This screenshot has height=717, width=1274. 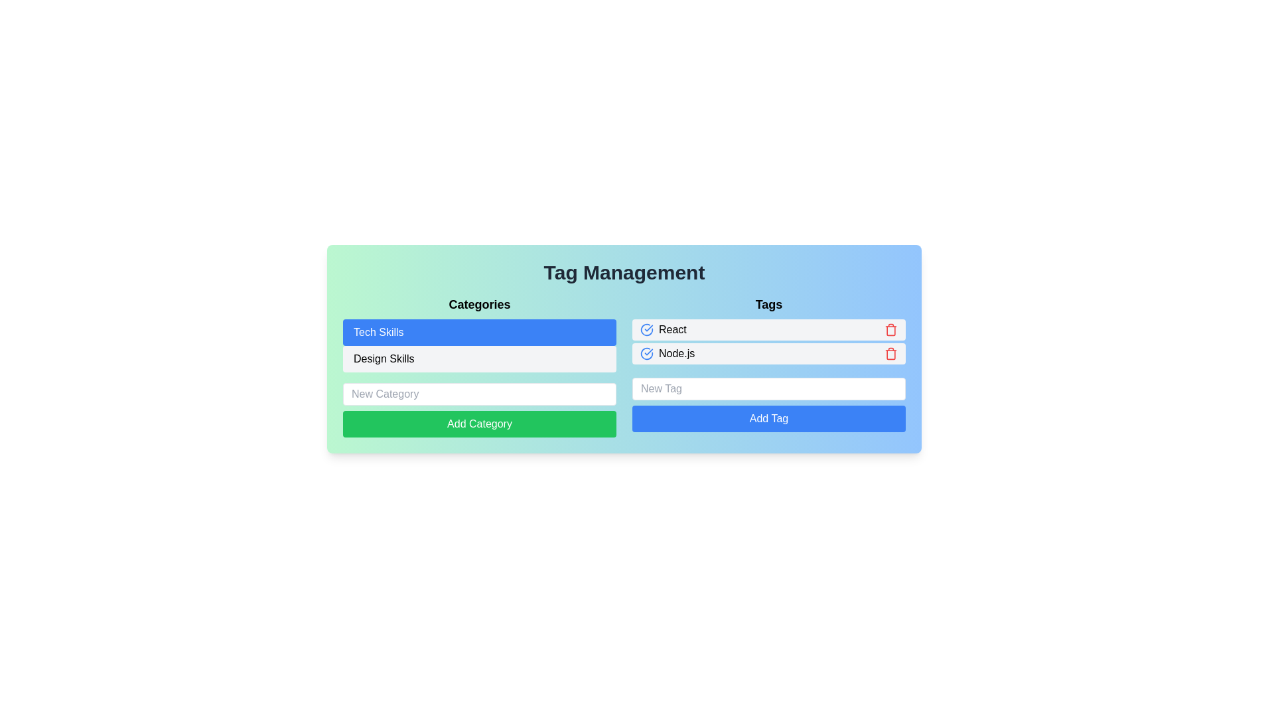 I want to click on the delete icon button located to the right of the 'Node.js' text in the 'Tags' section, so click(x=891, y=353).